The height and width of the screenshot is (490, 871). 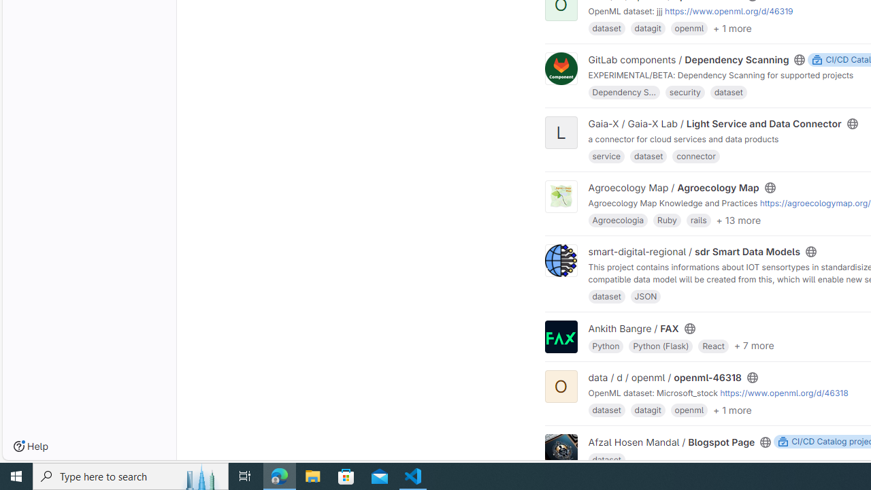 What do you see at coordinates (561, 387) in the screenshot?
I see `'O'` at bounding box center [561, 387].